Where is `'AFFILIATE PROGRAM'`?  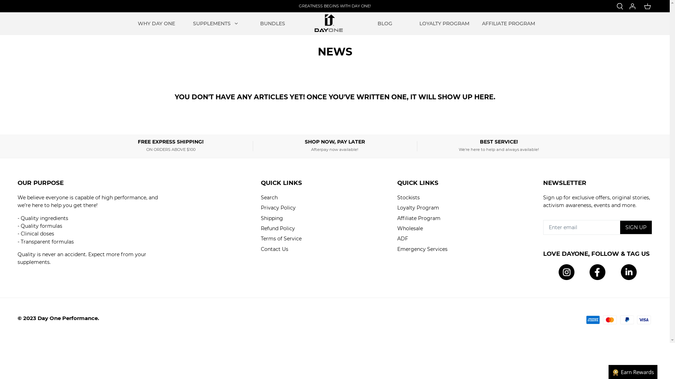
'AFFILIATE PROGRAM' is located at coordinates (508, 23).